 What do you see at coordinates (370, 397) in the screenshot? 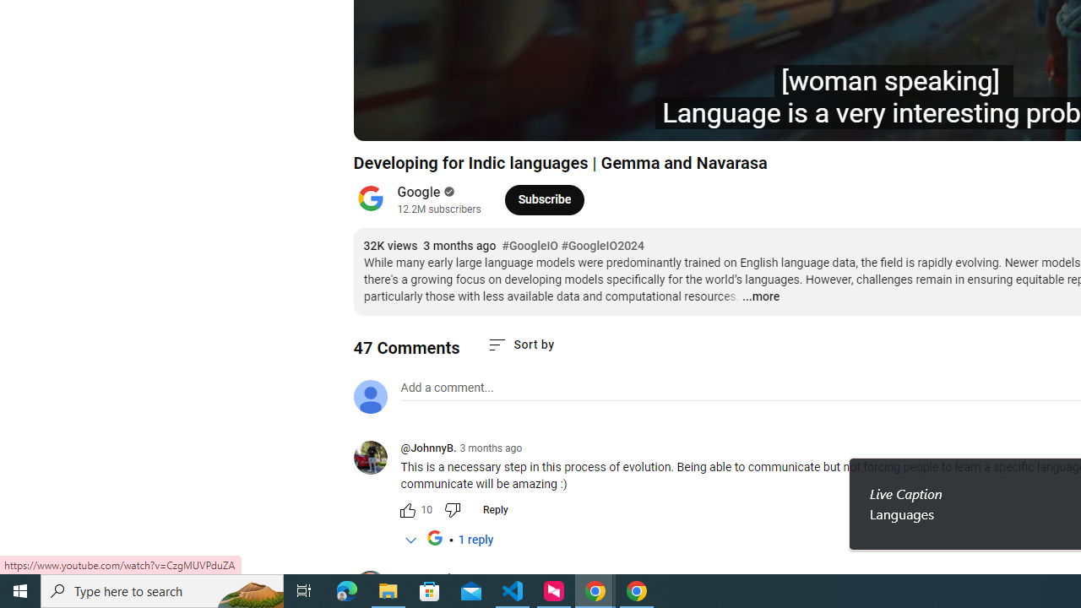
I see `'Default profile photo'` at bounding box center [370, 397].